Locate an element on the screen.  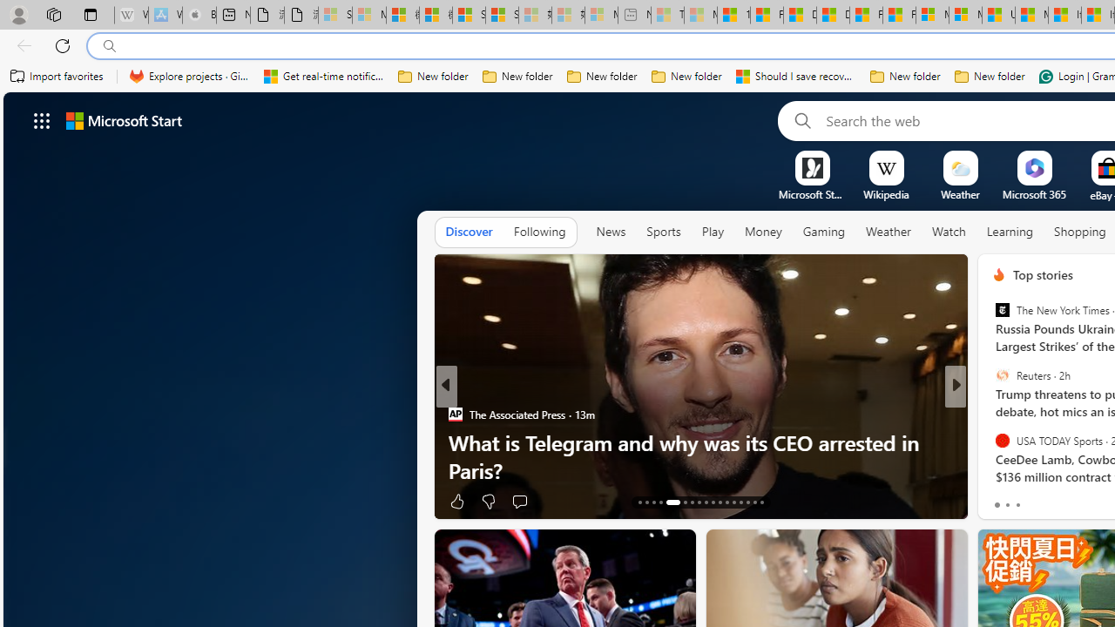
'AutomationID: tab-18' is located at coordinates (680, 502).